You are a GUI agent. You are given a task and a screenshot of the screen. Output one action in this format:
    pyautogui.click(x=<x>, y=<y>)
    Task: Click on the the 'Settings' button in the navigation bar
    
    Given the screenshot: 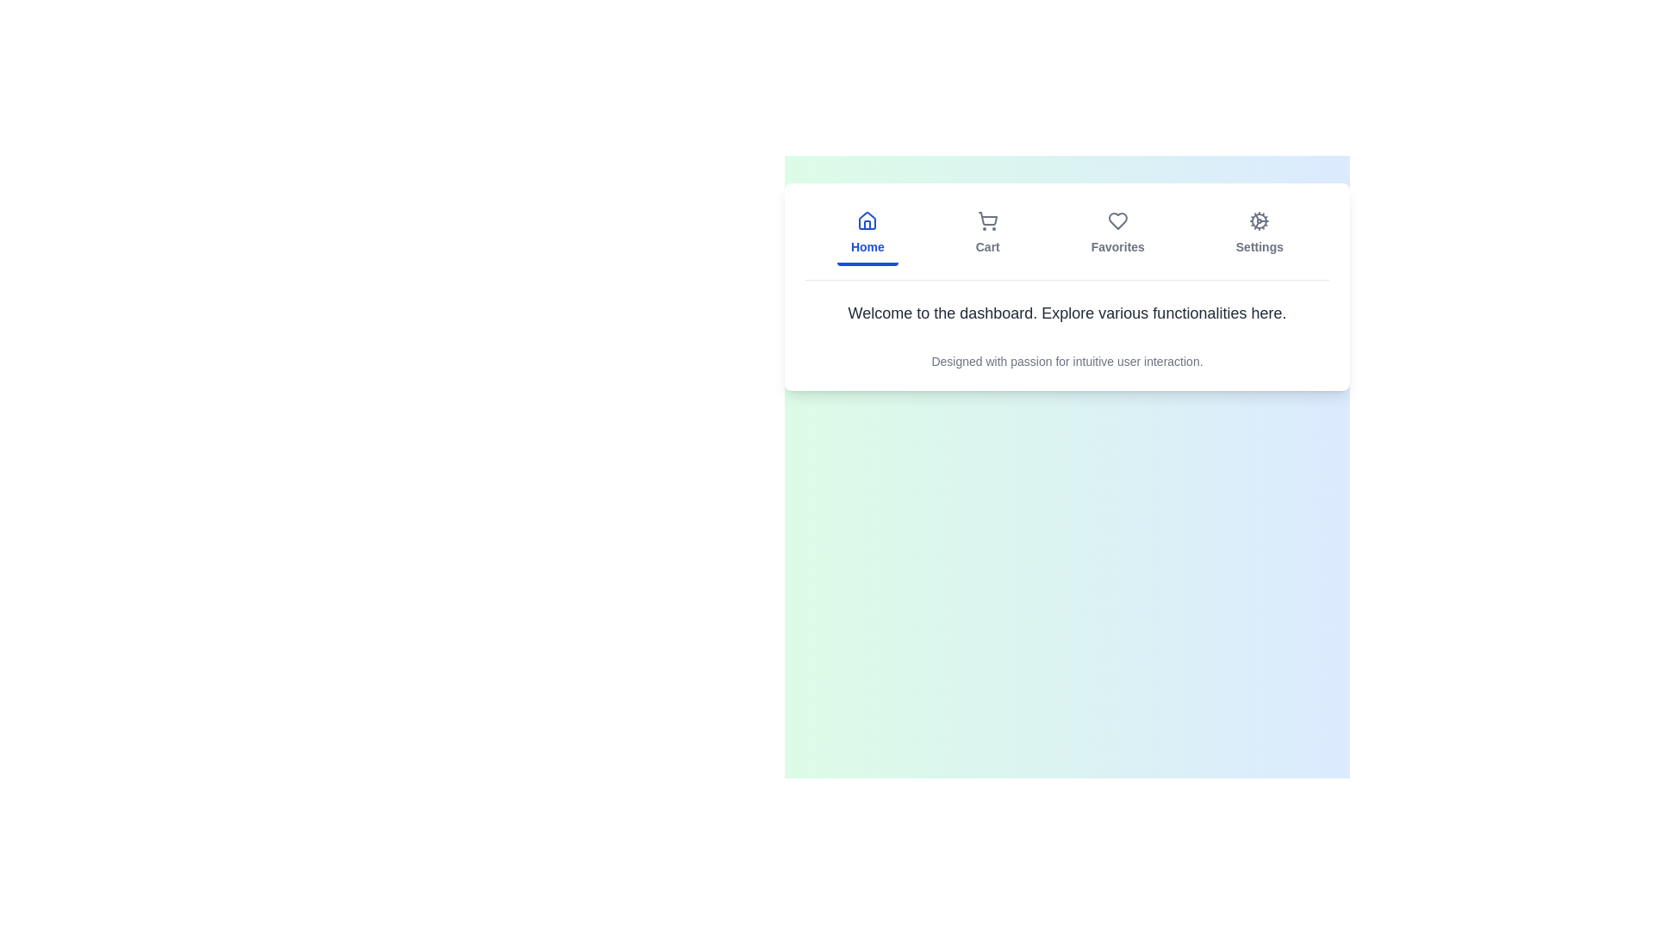 What is the action you would take?
    pyautogui.click(x=1259, y=235)
    